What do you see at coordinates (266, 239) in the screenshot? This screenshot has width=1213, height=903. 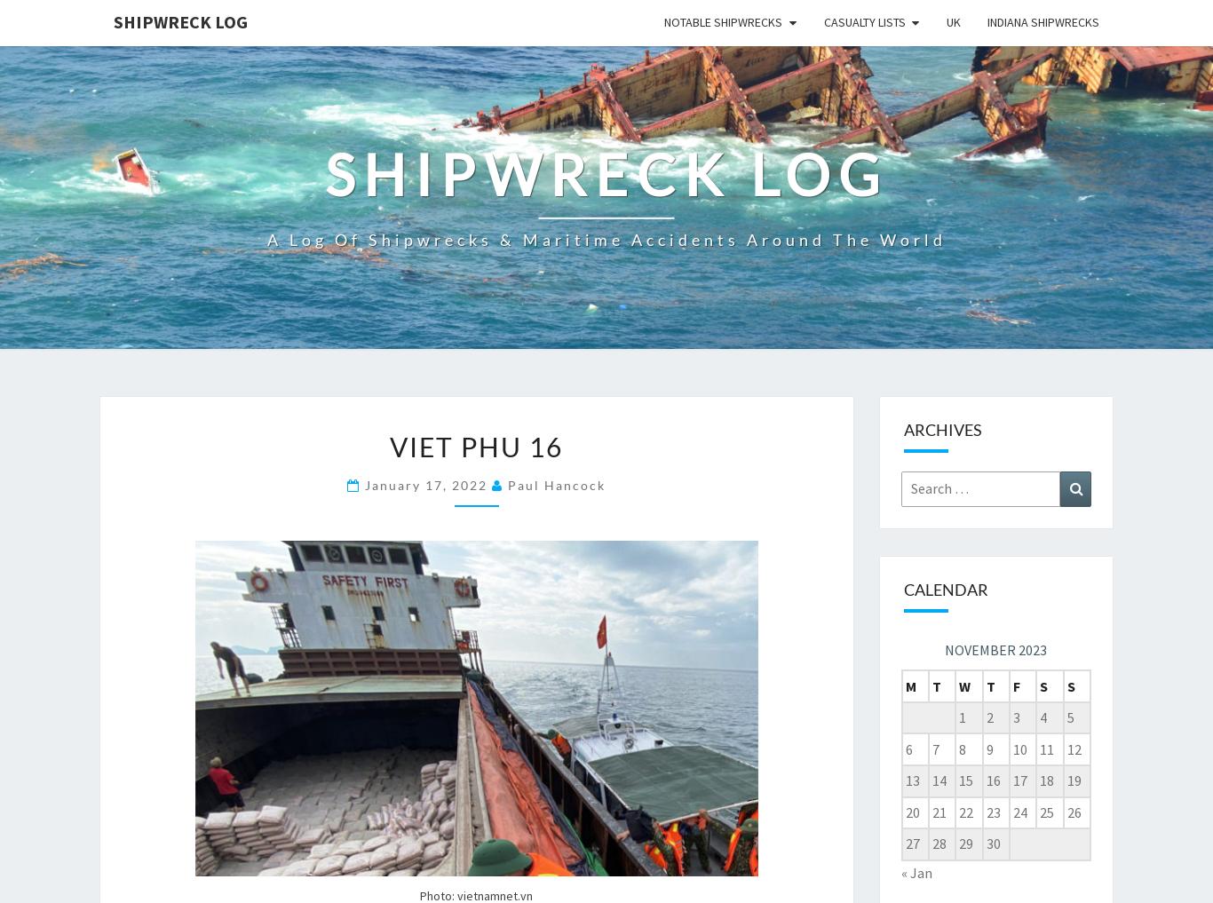 I see `'A log of shipwrecks & maritime accidents around the world'` at bounding box center [266, 239].